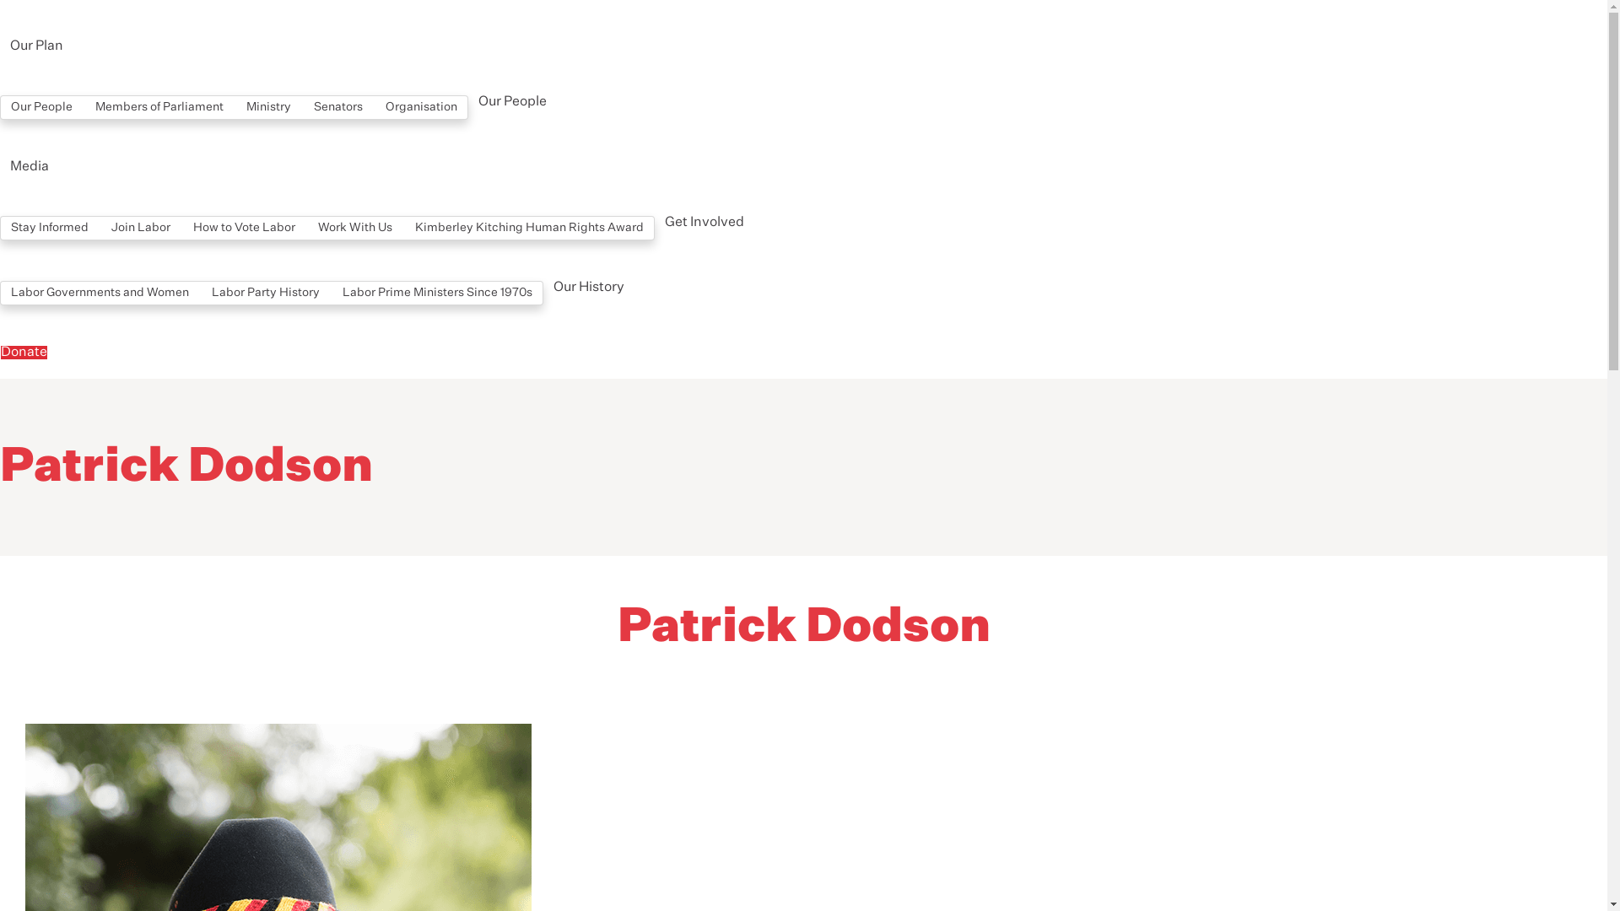 The width and height of the screenshot is (1620, 911). What do you see at coordinates (528, 228) in the screenshot?
I see `'Kimberley Kitching Human Rights Award'` at bounding box center [528, 228].